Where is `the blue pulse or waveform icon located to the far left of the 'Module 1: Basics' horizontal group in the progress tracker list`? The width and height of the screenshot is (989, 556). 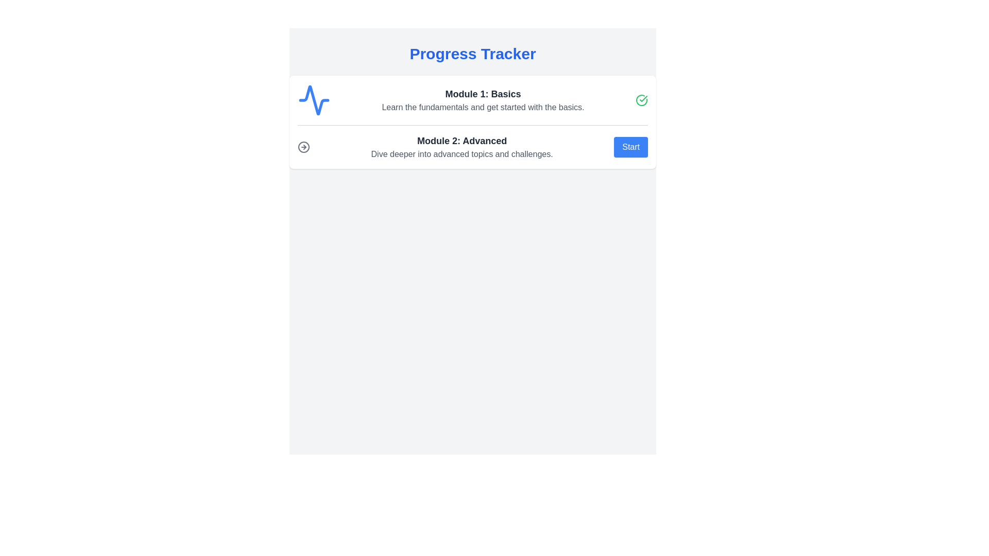
the blue pulse or waveform icon located to the far left of the 'Module 1: Basics' horizontal group in the progress tracker list is located at coordinates (313, 100).